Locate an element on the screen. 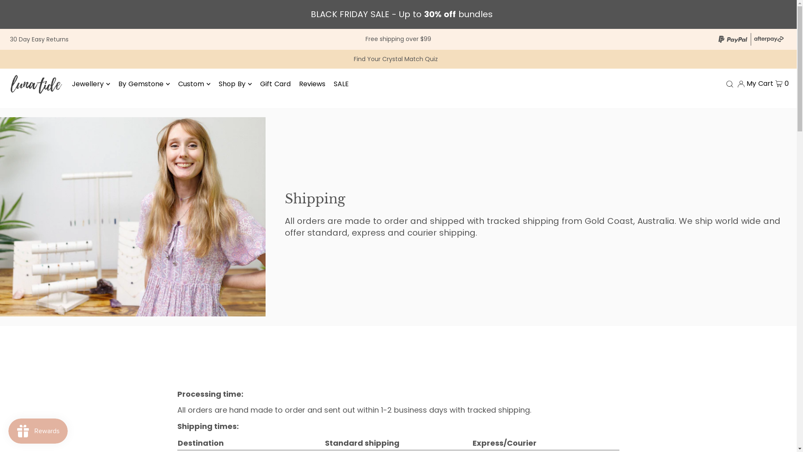 This screenshot has height=452, width=803. 'Shop By' is located at coordinates (235, 84).